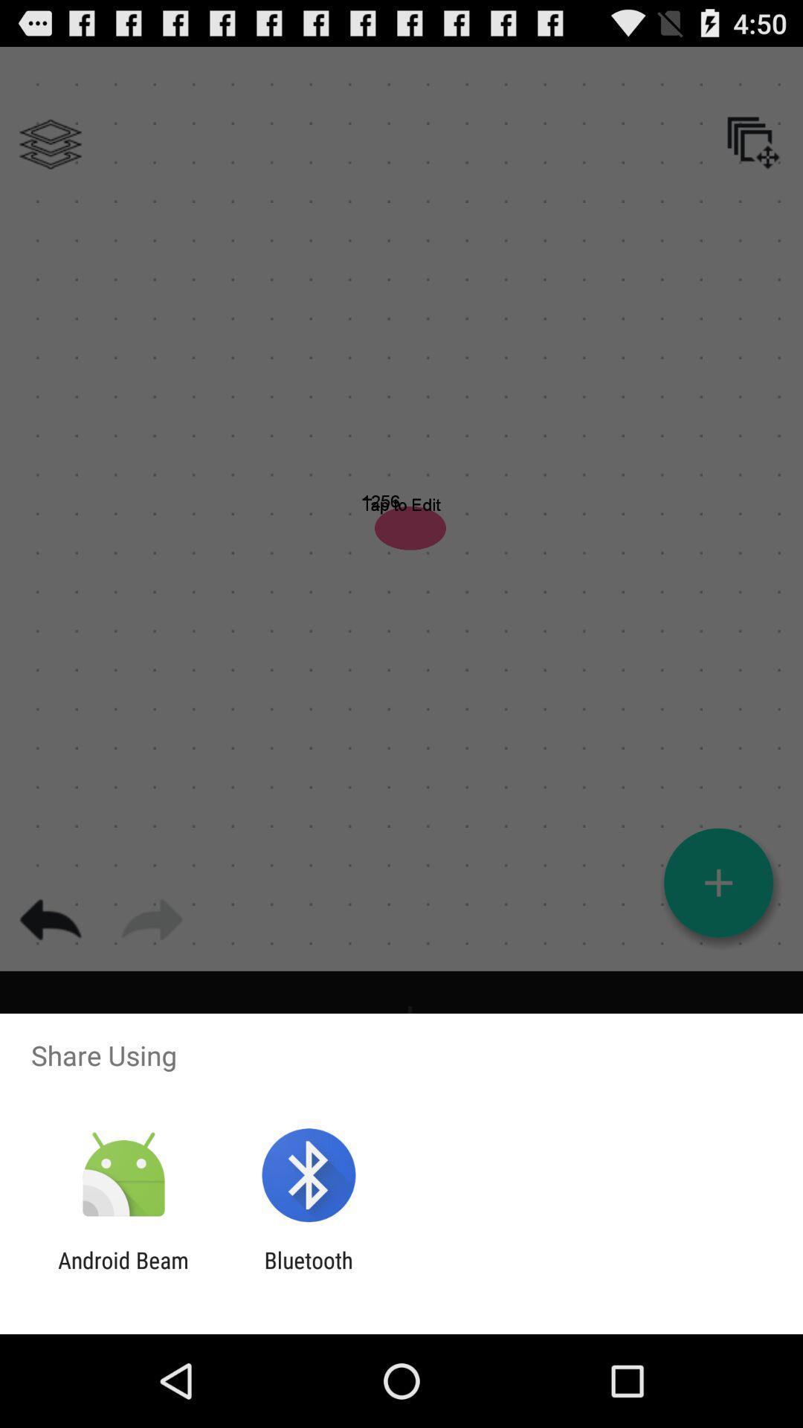 The image size is (803, 1428). I want to click on the item next to the bluetooth icon, so click(123, 1273).